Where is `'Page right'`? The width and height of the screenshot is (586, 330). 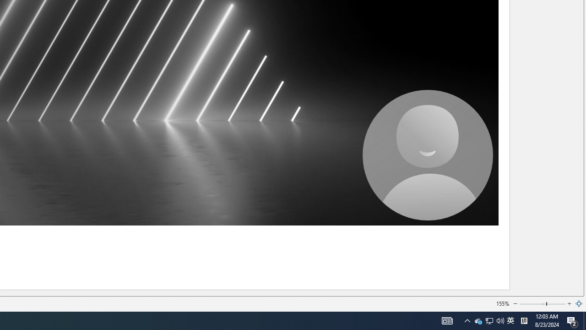
'Page right' is located at coordinates (556, 304).